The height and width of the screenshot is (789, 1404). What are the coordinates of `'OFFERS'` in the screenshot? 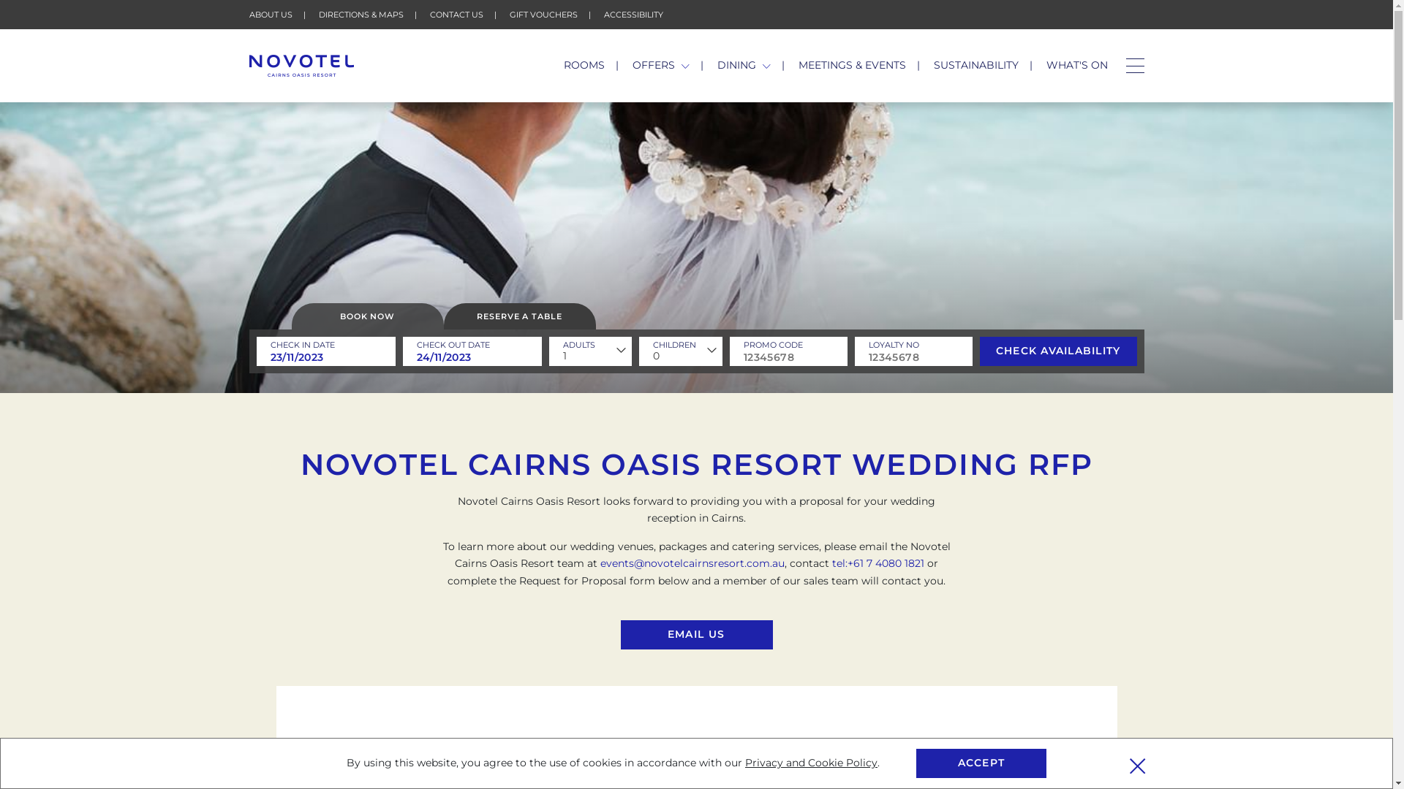 It's located at (660, 64).